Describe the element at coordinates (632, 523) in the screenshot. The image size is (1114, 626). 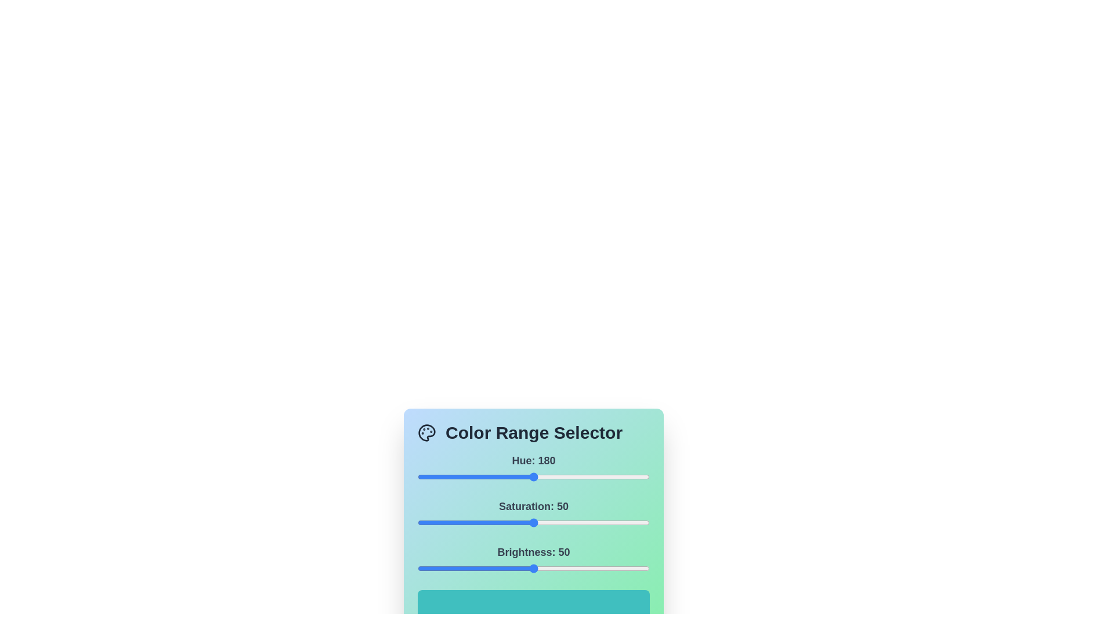
I see `the 1 slider to 93` at that location.